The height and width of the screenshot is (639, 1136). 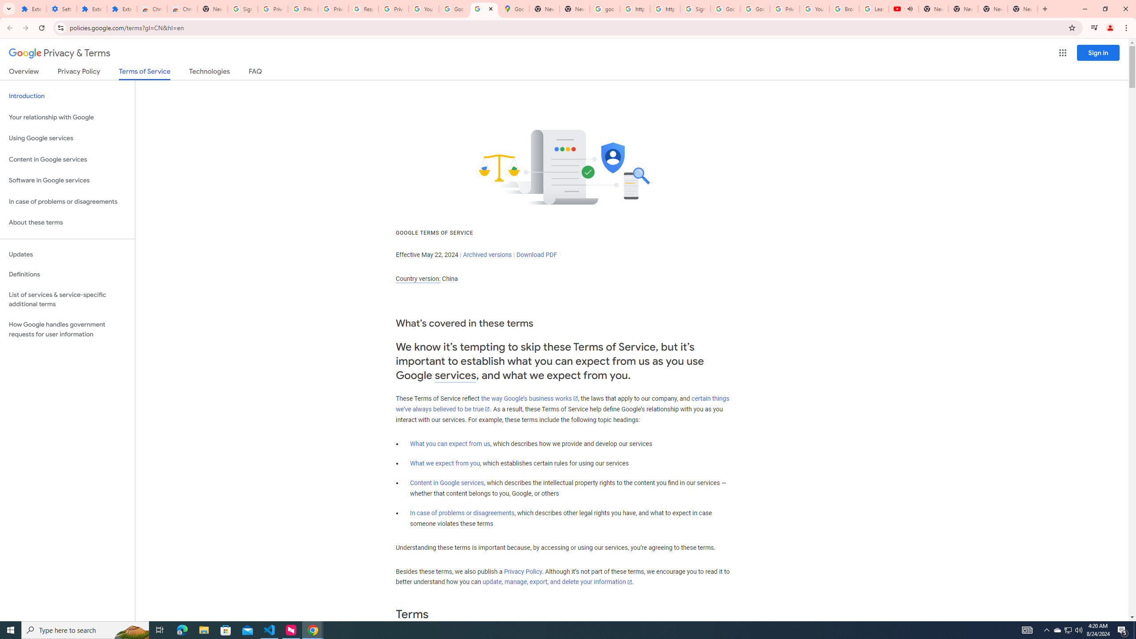 I want to click on 'New Tab', so click(x=1022, y=8).